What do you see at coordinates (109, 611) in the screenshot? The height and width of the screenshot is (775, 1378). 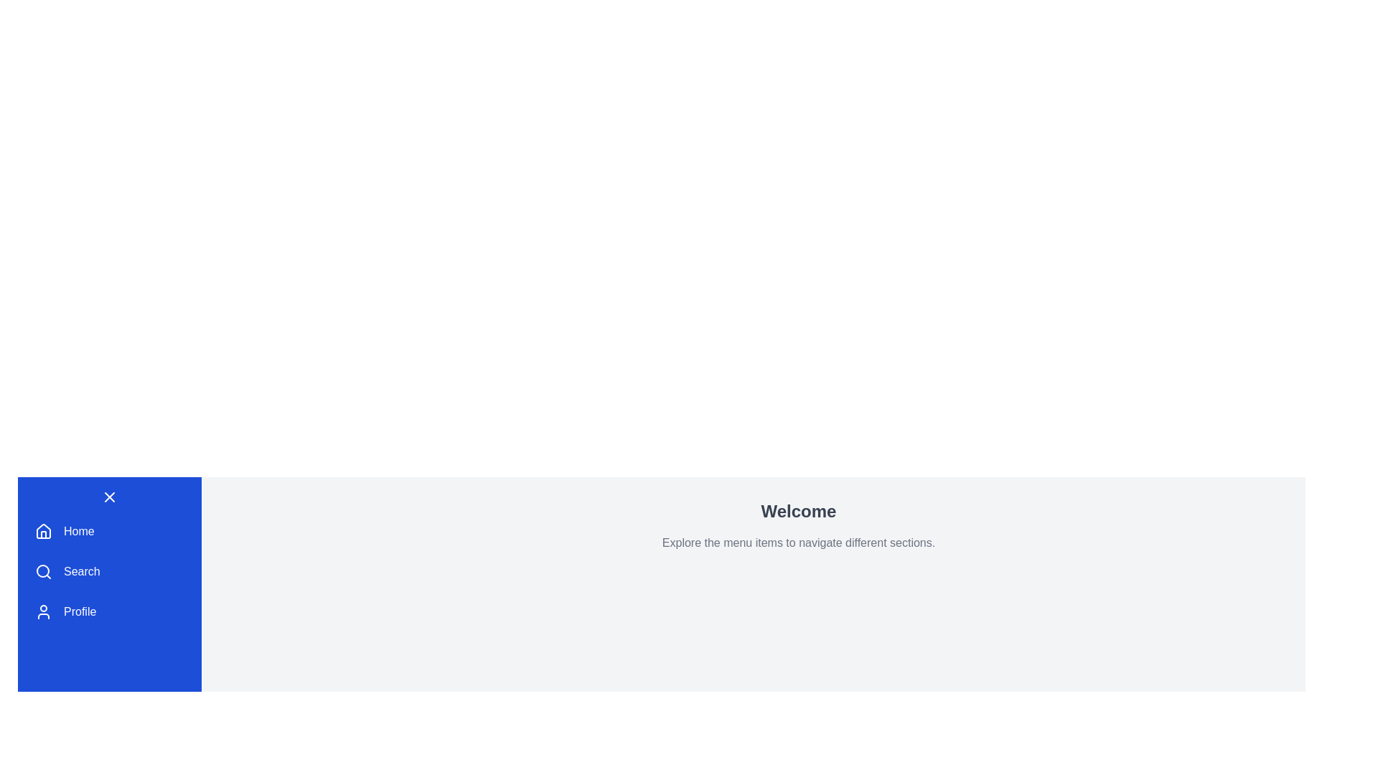 I see `the menu item Profile from the DashboardMenu` at bounding box center [109, 611].